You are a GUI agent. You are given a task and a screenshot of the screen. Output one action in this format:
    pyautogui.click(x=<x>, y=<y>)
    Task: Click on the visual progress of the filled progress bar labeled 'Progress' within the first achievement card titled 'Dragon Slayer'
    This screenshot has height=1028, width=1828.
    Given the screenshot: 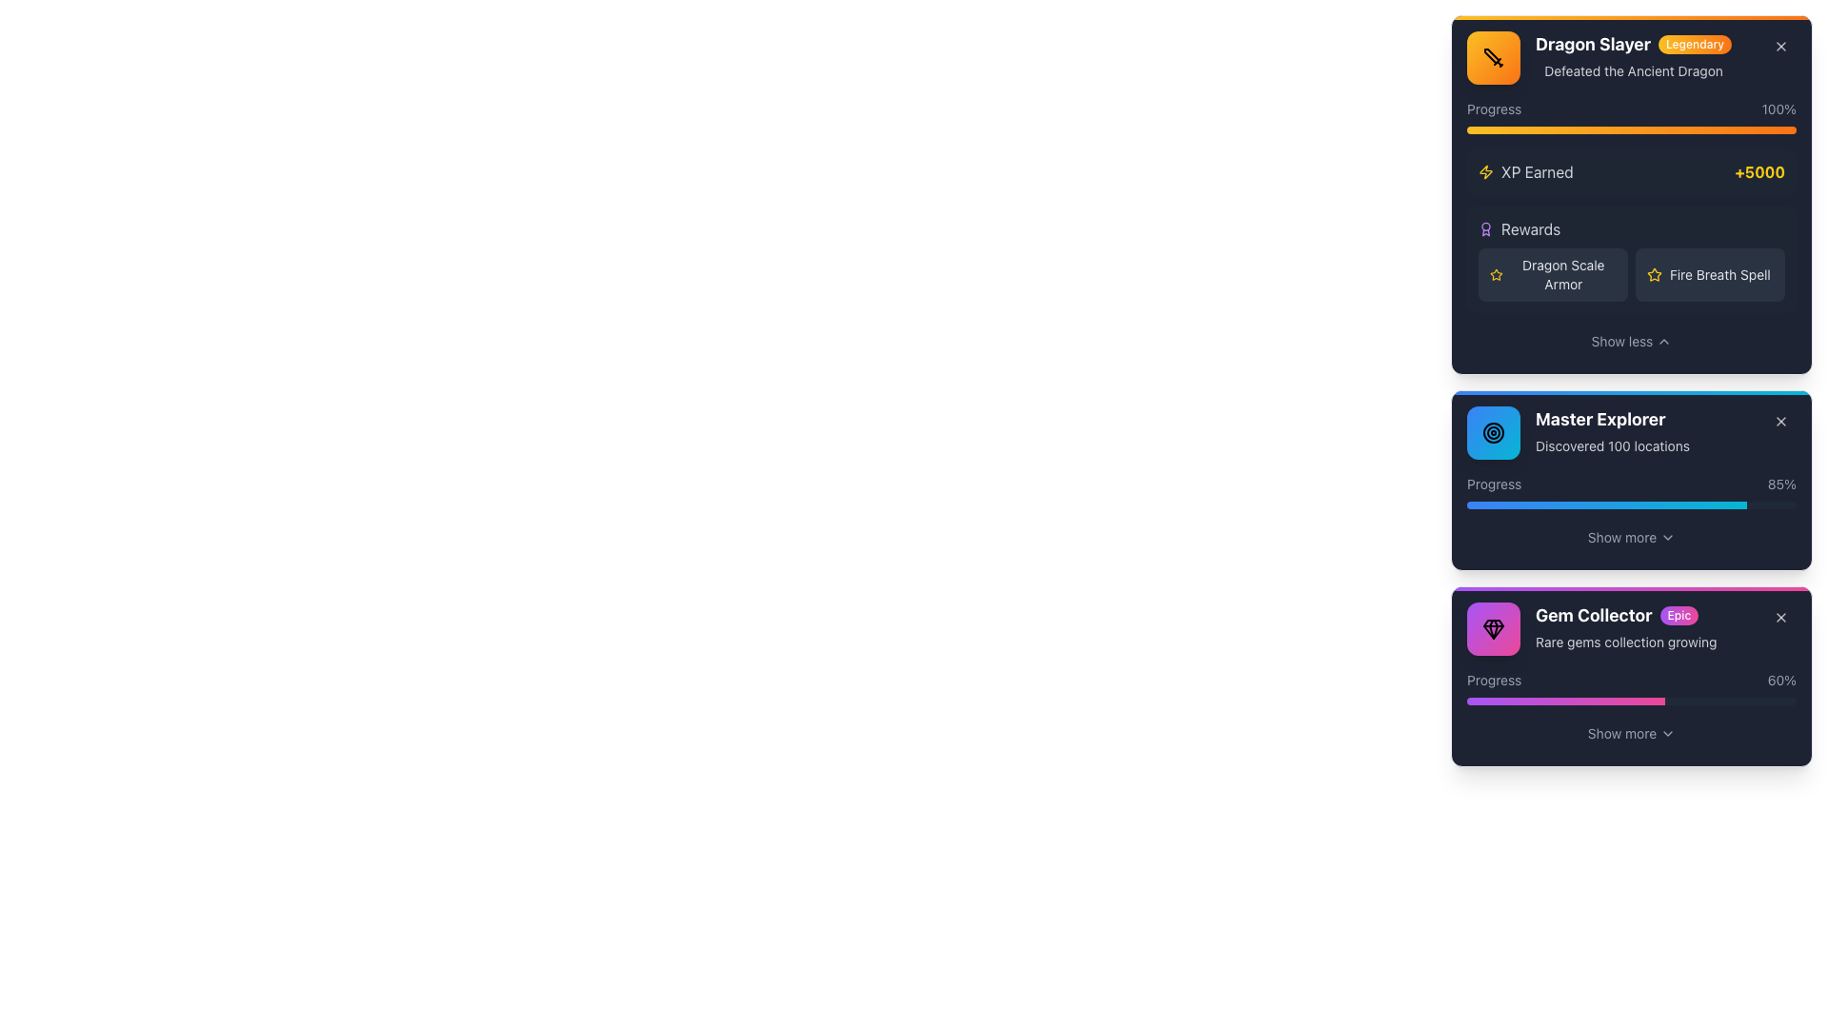 What is the action you would take?
    pyautogui.click(x=1630, y=117)
    